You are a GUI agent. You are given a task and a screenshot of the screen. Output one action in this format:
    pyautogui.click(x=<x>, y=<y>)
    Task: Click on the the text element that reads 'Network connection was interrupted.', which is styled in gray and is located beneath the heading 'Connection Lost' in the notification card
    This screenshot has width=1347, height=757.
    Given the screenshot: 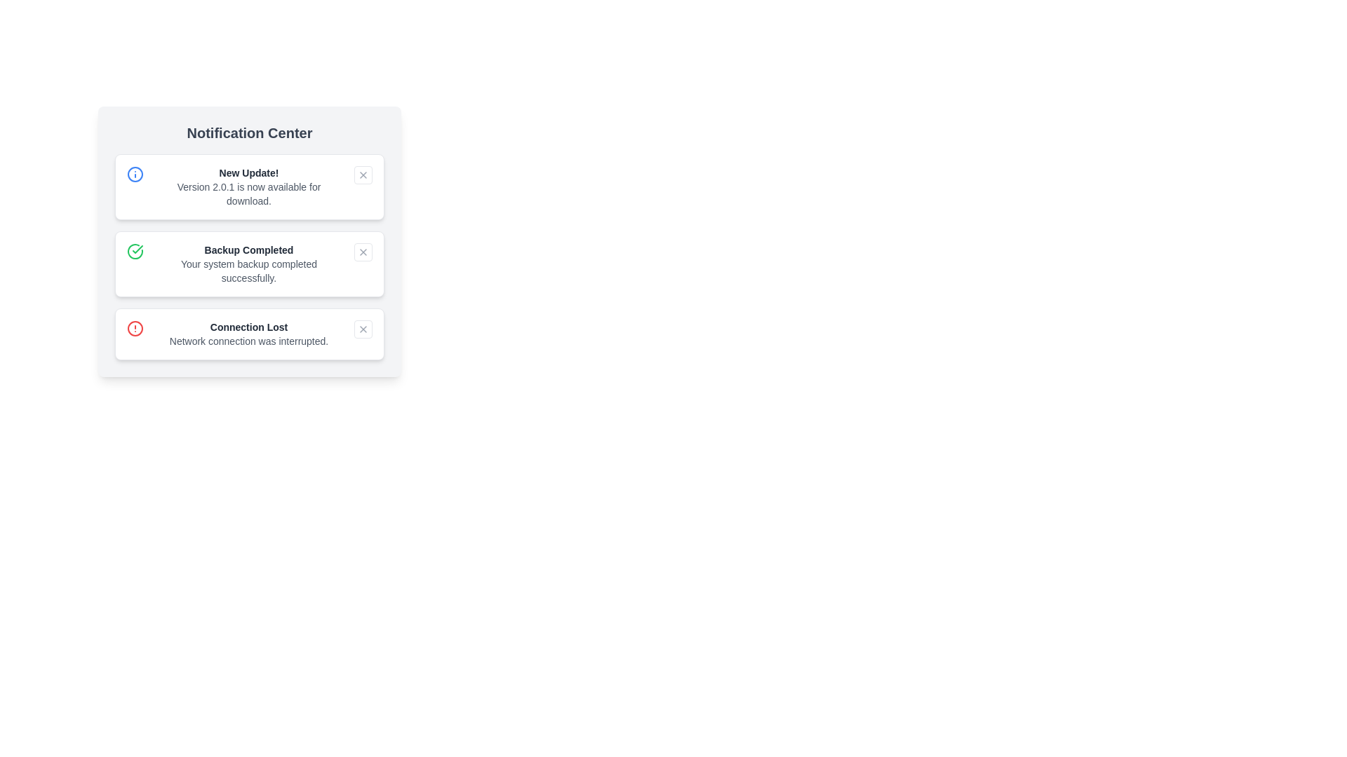 What is the action you would take?
    pyautogui.click(x=249, y=341)
    